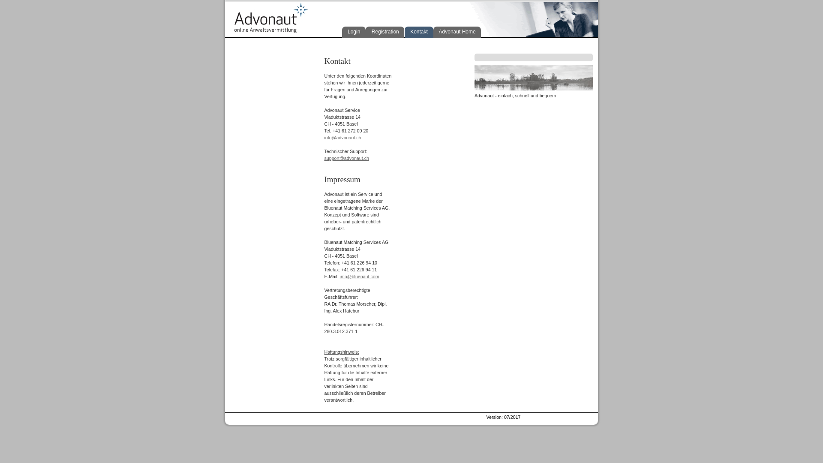  Describe the element at coordinates (354, 32) in the screenshot. I see `'    Login  '` at that location.